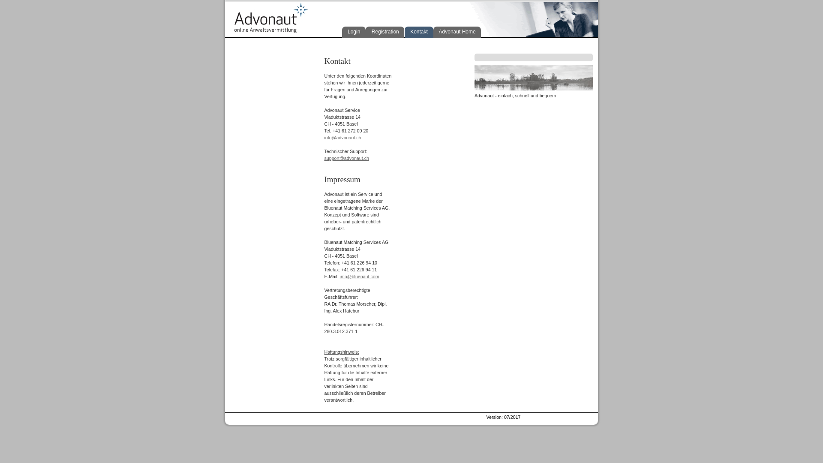  Describe the element at coordinates (354, 32) in the screenshot. I see `'    Login  '` at that location.